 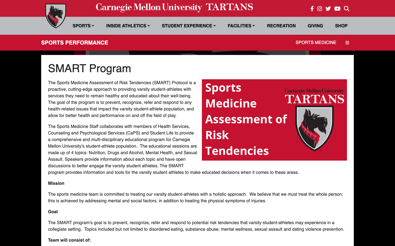 What do you see at coordinates (341, 25) in the screenshot?
I see `online store and proceed to associated Facebook page` at bounding box center [341, 25].